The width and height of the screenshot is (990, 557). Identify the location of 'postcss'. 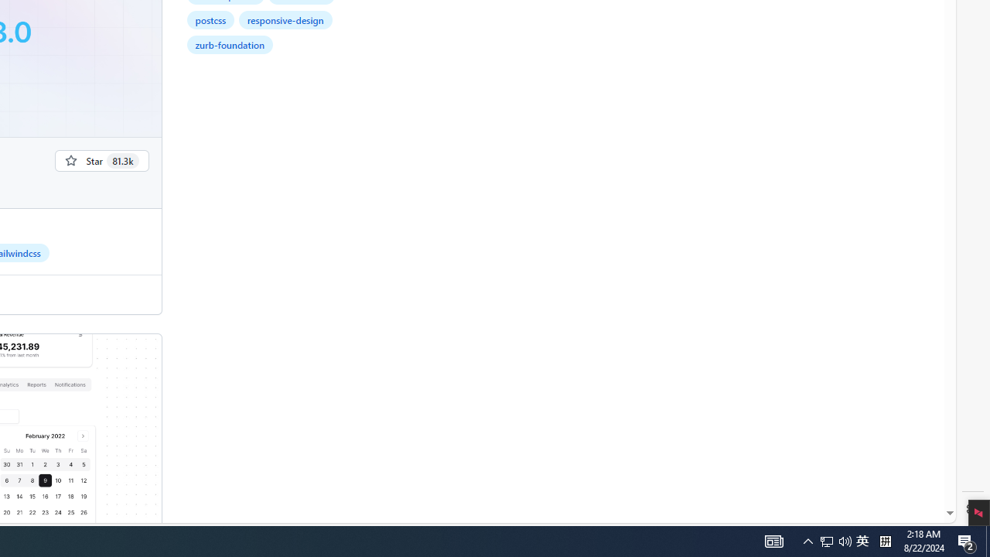
(210, 19).